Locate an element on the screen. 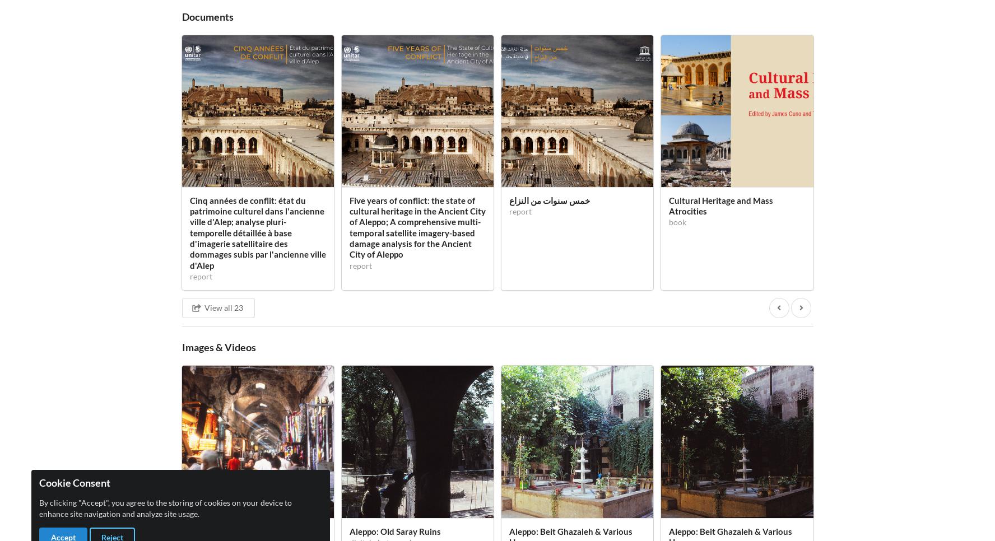 Image resolution: width=995 pixels, height=541 pixels. 'Khan al-Sabun' is located at coordinates (257, 75).